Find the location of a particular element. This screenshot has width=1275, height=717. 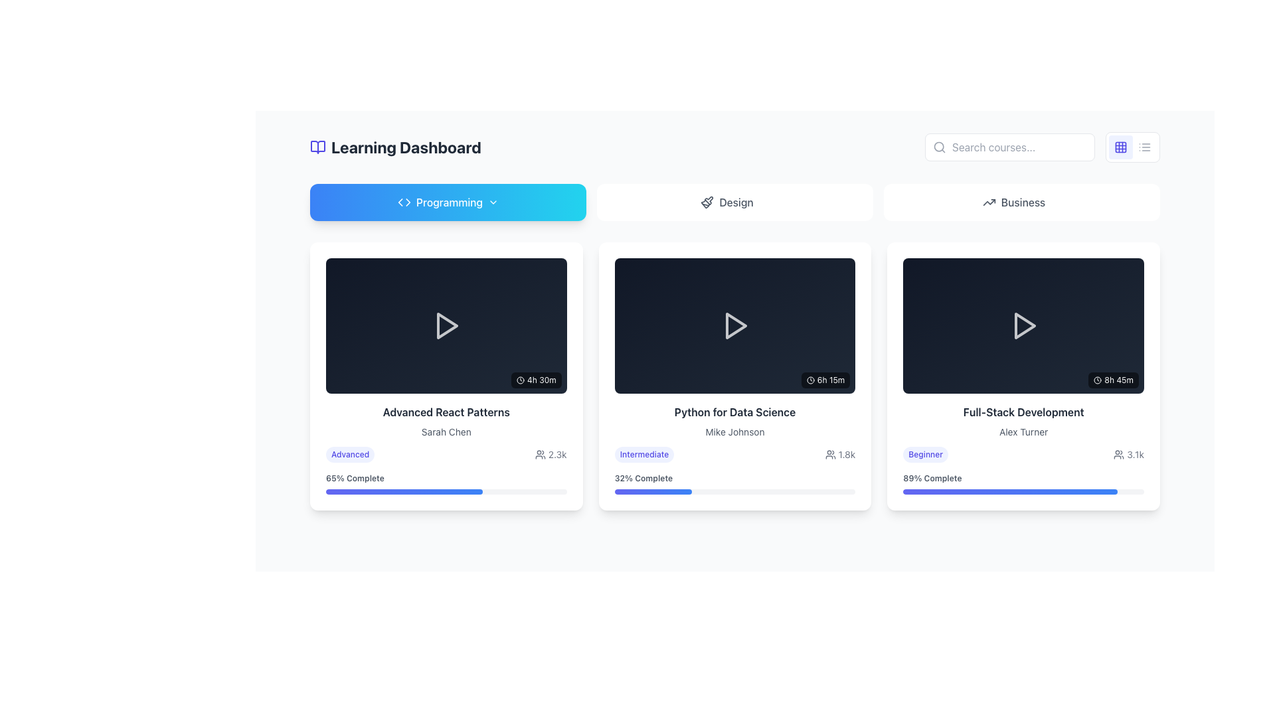

the decorative search icon located in the top-right of the interface, adjacent to the input field and to the right of the navigation buttons is located at coordinates (939, 147).